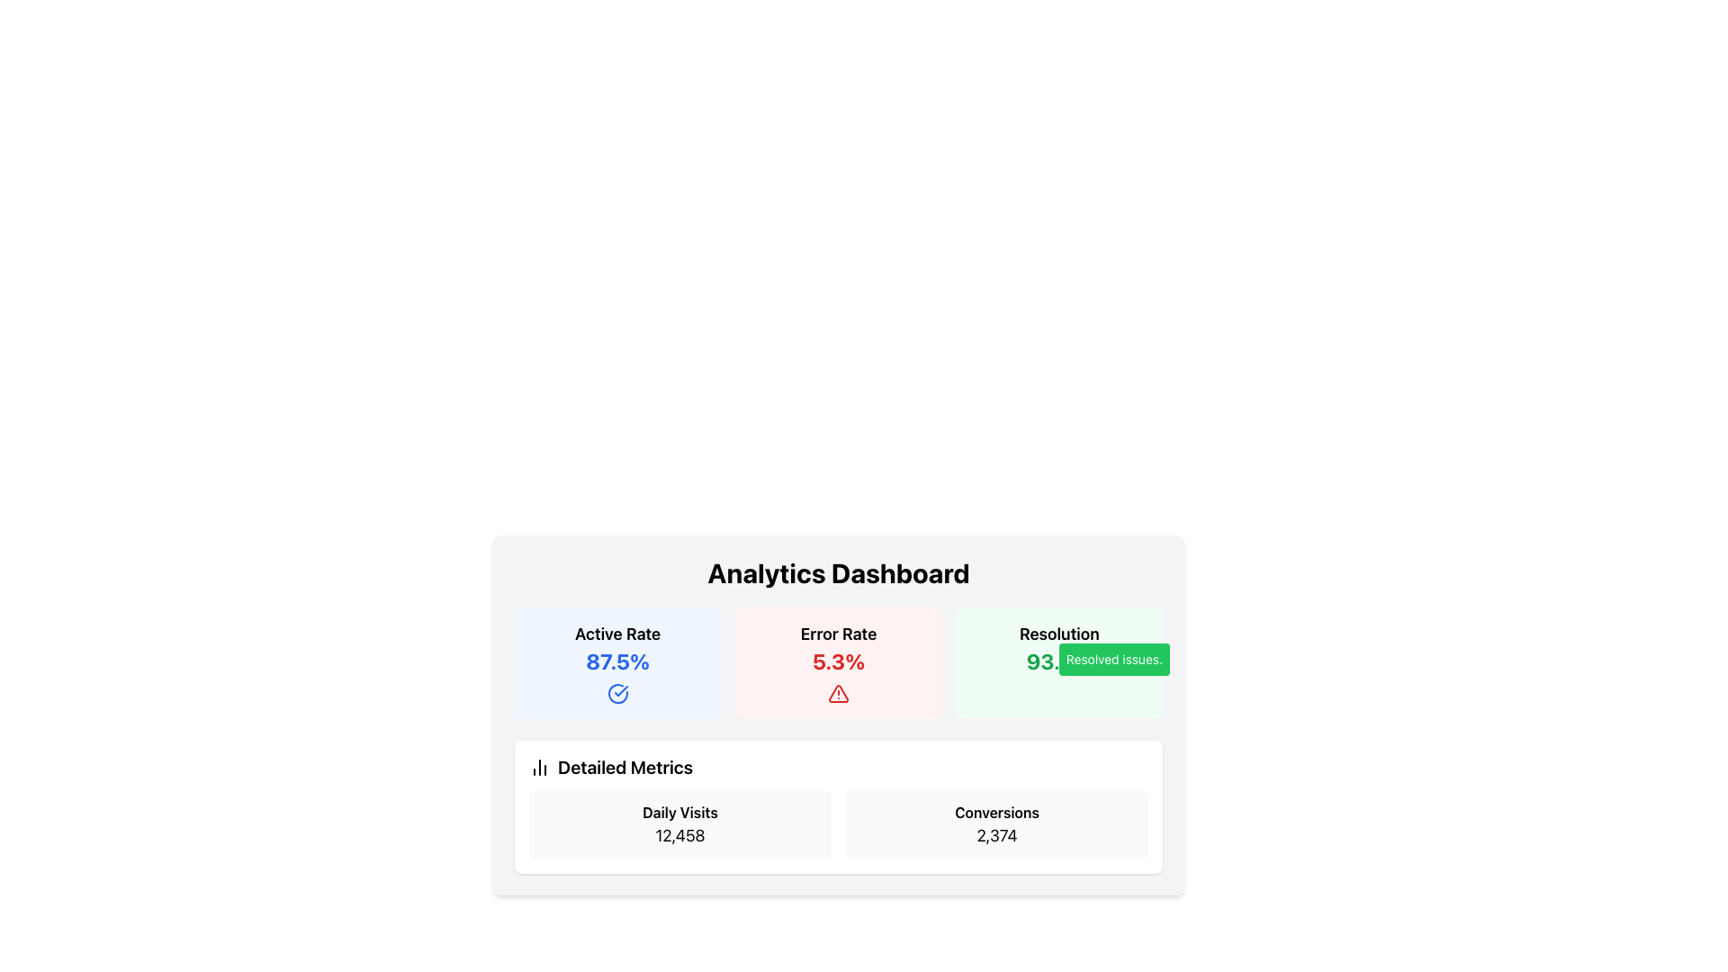 The height and width of the screenshot is (972, 1728). I want to click on the leftmost metric display card that shows the active rate percentage, which is part of a group of three cards at the top of the layout, so click(617, 662).